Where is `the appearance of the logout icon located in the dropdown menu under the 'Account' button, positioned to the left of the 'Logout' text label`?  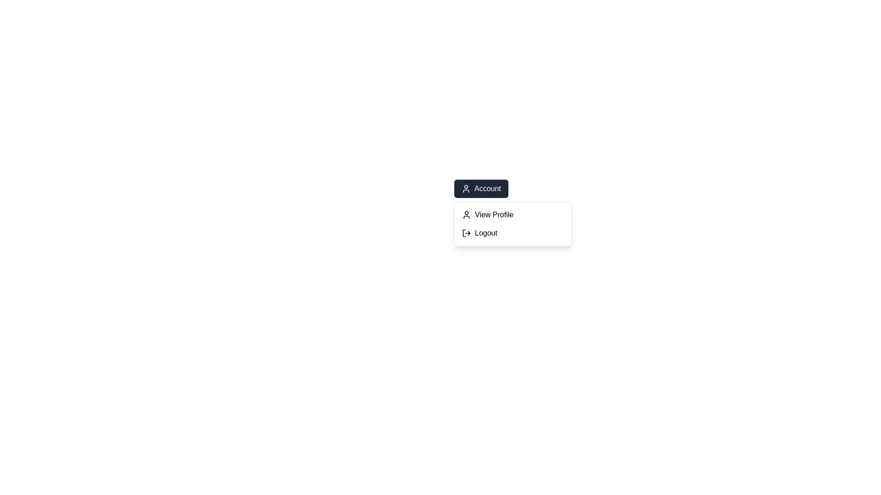 the appearance of the logout icon located in the dropdown menu under the 'Account' button, positioned to the left of the 'Logout' text label is located at coordinates (467, 233).